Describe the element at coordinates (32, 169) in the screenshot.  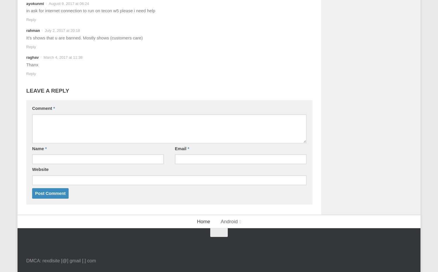
I see `'Website'` at that location.